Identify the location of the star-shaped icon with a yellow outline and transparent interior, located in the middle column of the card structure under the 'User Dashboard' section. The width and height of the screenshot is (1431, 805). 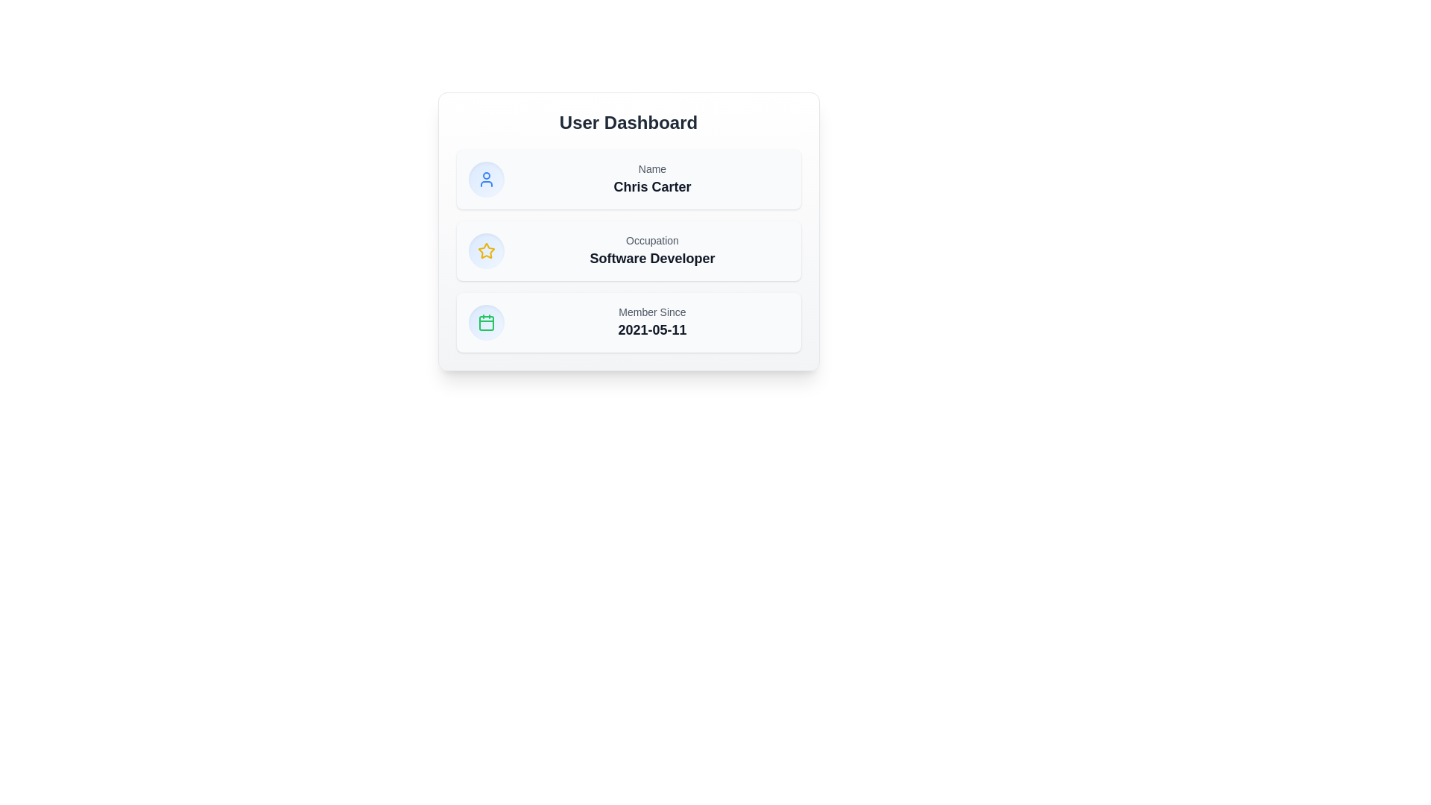
(486, 250).